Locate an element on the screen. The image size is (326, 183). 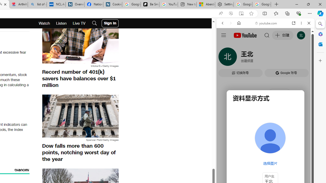
'Aberdeen, Hong Kong SAR hourly forecast | Microsoft Weather' is located at coordinates (206, 4).